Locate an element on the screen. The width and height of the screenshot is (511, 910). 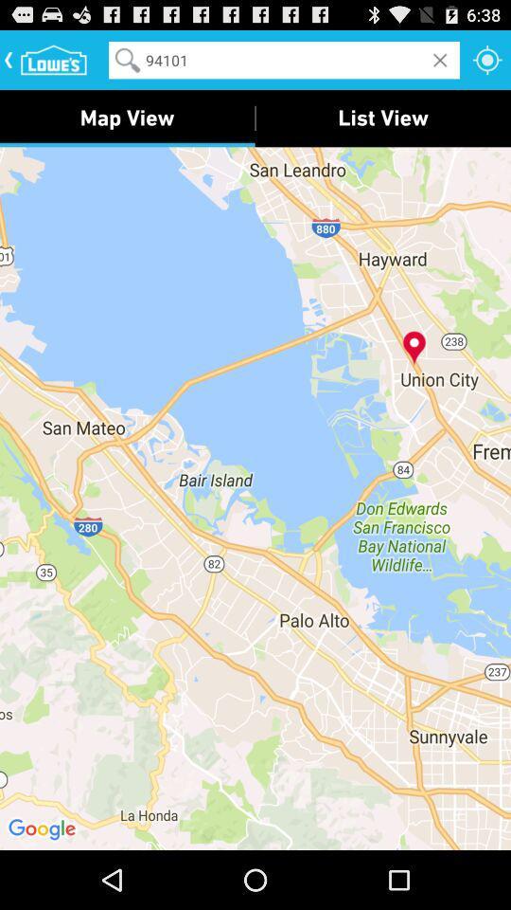
the icon above list view item is located at coordinates (487, 59).